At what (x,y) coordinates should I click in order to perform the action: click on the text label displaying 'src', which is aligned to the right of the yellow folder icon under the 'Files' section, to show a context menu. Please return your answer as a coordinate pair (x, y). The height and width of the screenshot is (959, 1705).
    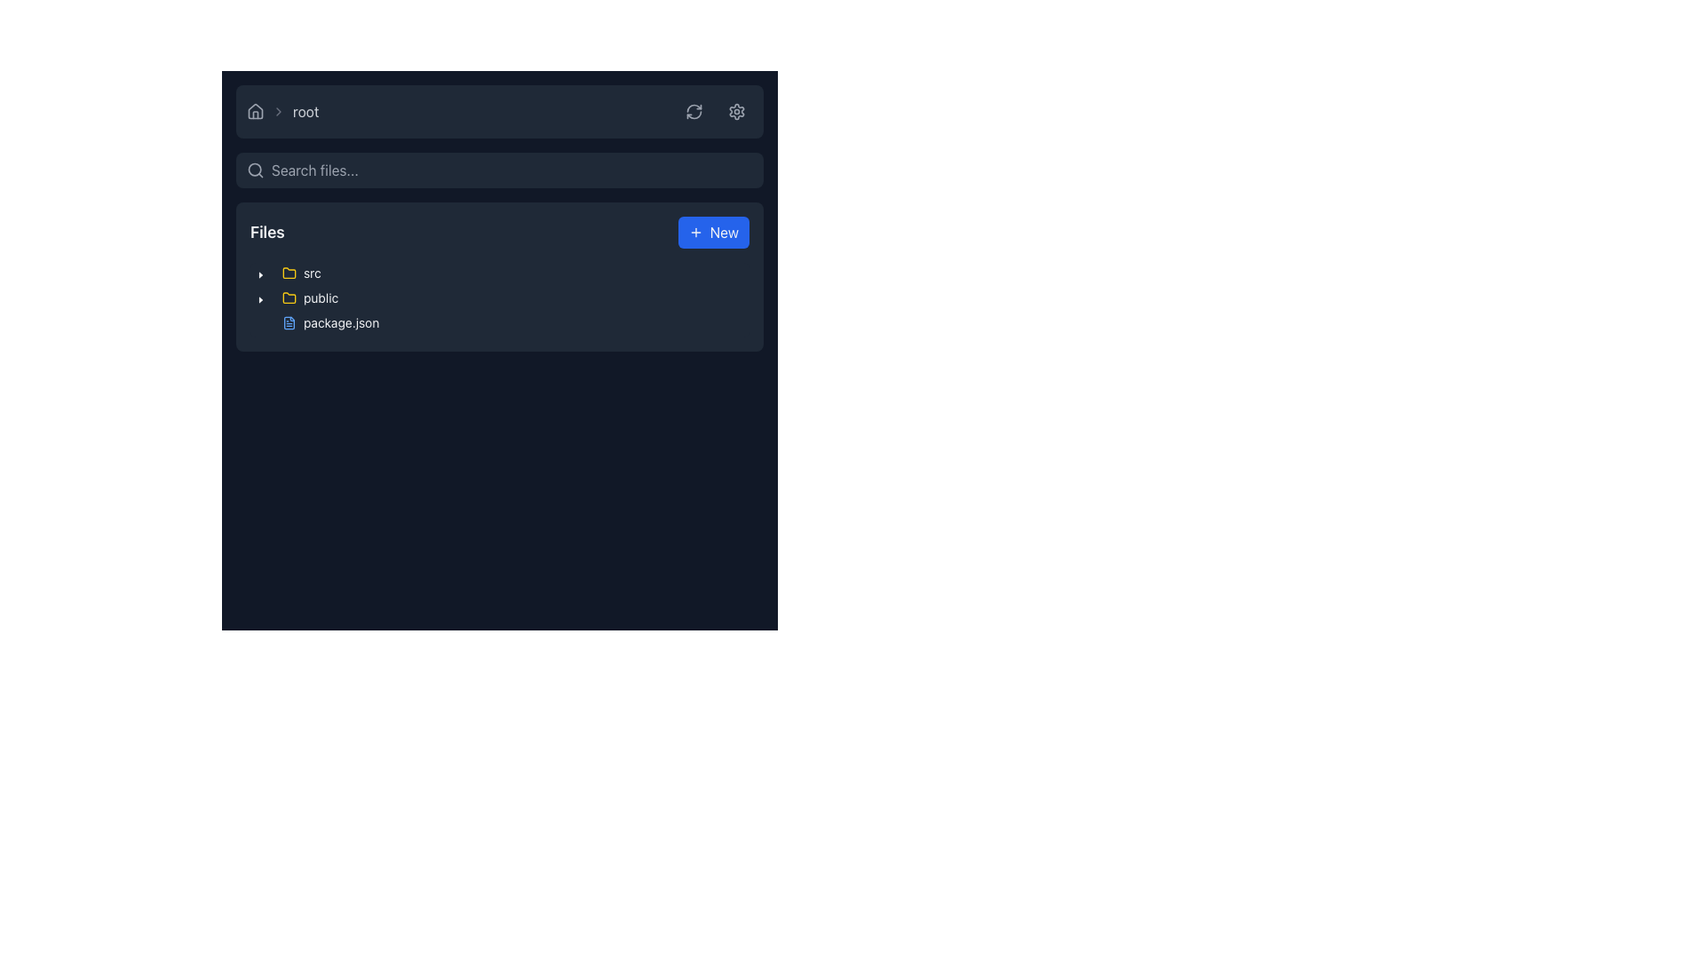
    Looking at the image, I should click on (301, 273).